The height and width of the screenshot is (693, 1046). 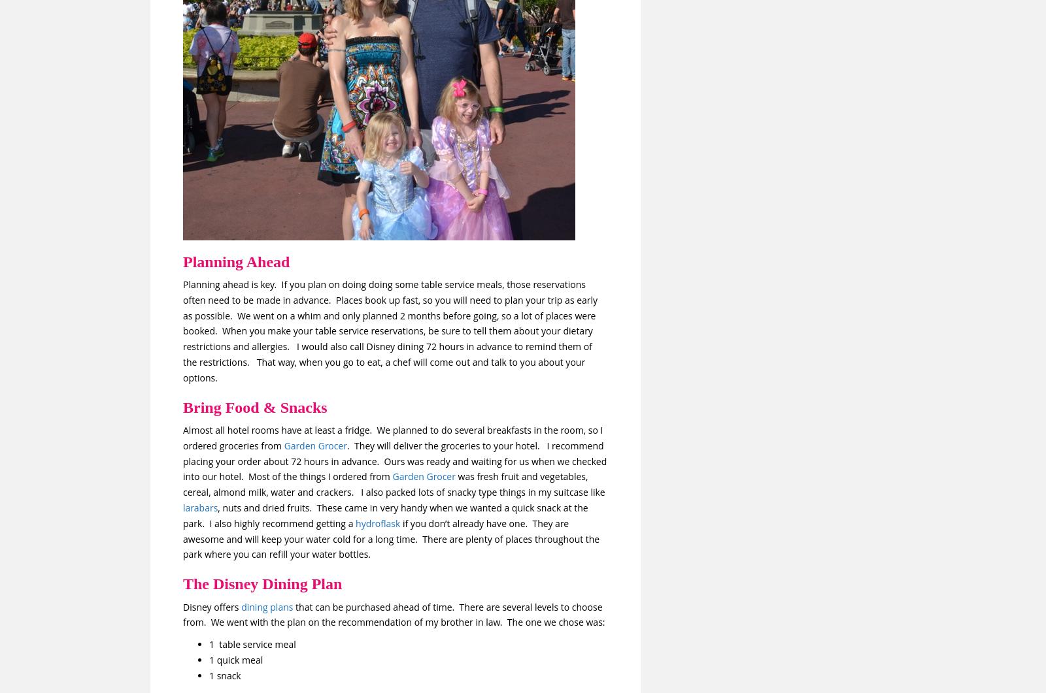 What do you see at coordinates (200, 507) in the screenshot?
I see `'larabars'` at bounding box center [200, 507].